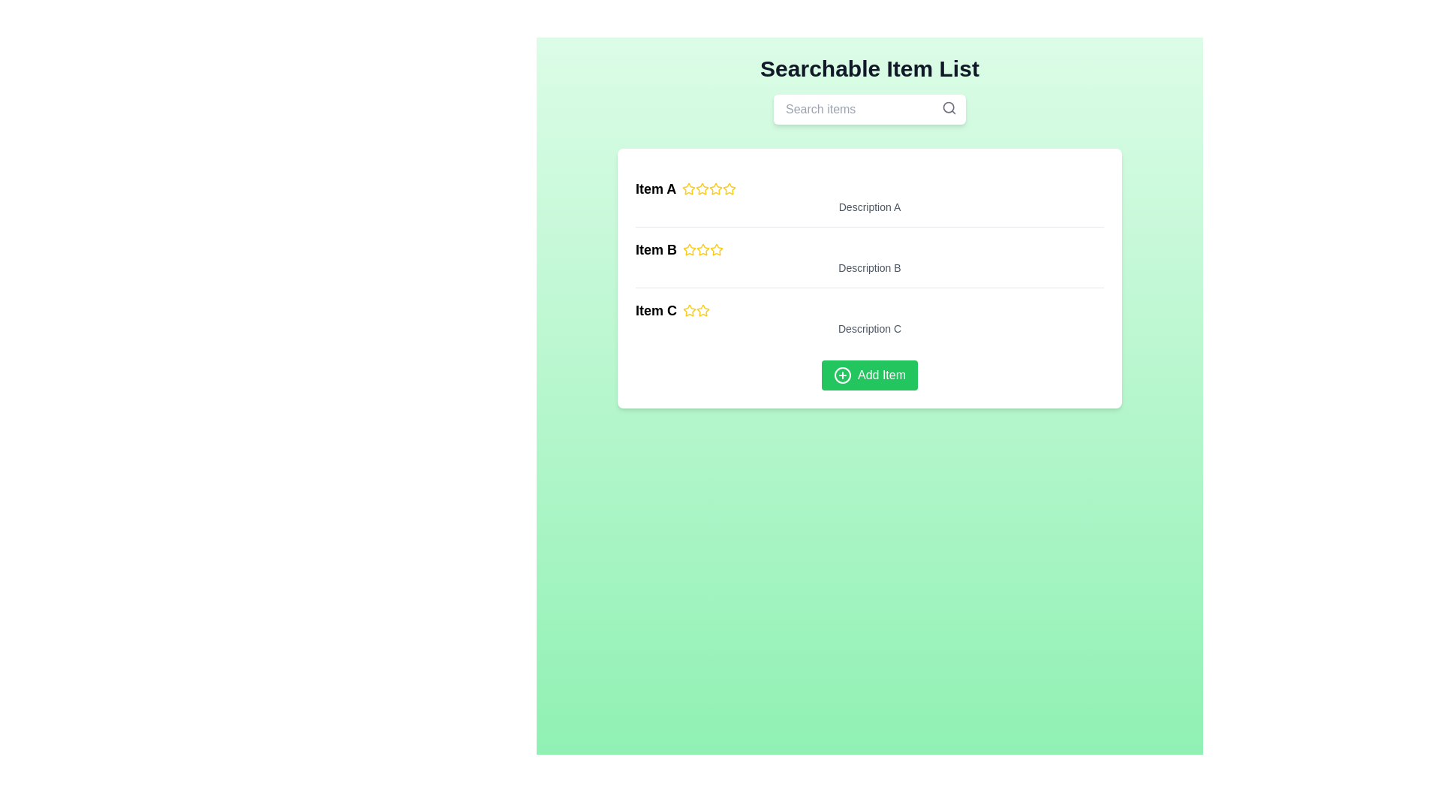 The image size is (1441, 811). Describe the element at coordinates (689, 249) in the screenshot. I see `the first rating star icon associated with 'Item B' in the middle section of the interface` at that location.